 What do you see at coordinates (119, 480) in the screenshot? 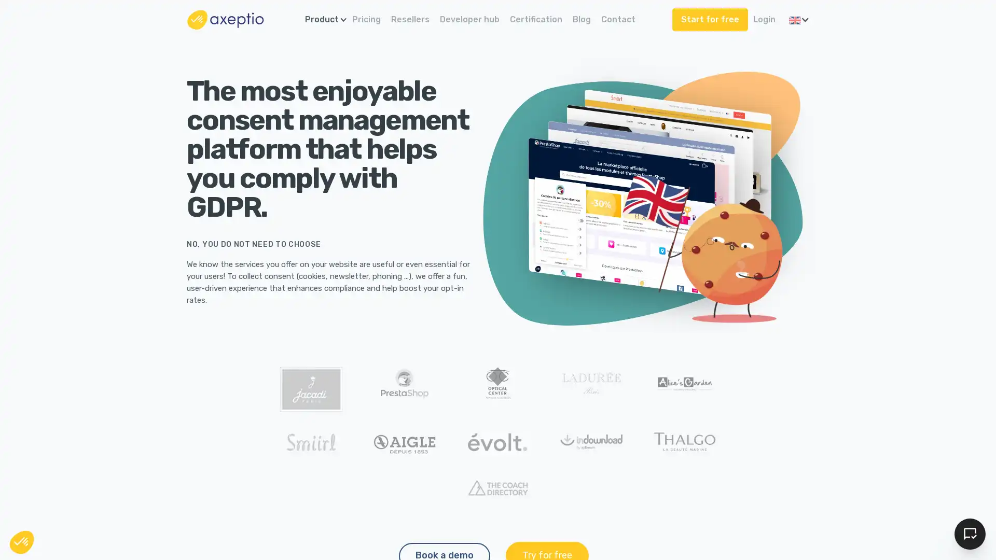
I see `Consents certified by` at bounding box center [119, 480].